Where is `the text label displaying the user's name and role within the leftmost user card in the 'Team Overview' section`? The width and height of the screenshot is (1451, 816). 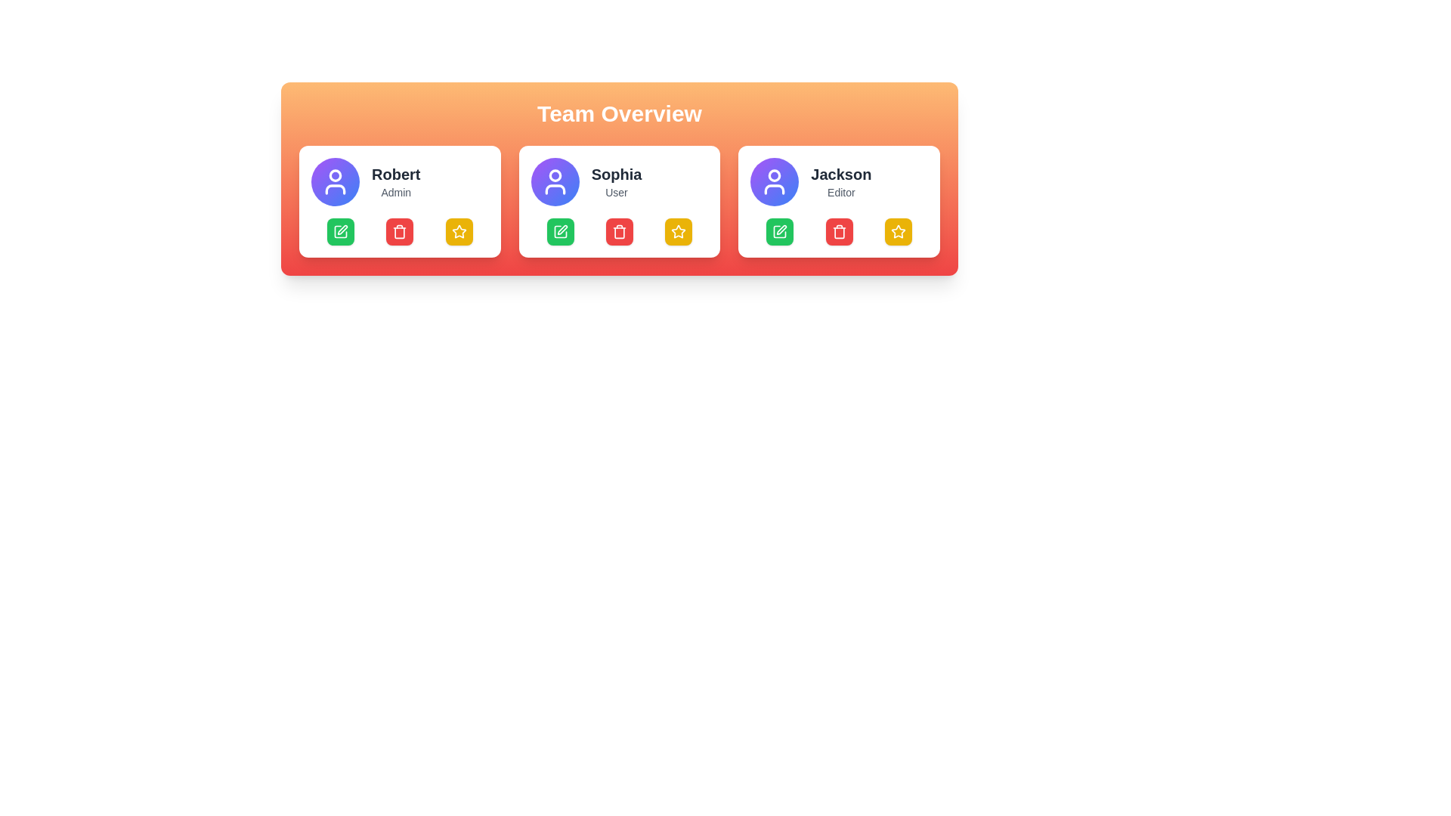
the text label displaying the user's name and role within the leftmost user card in the 'Team Overview' section is located at coordinates (396, 181).